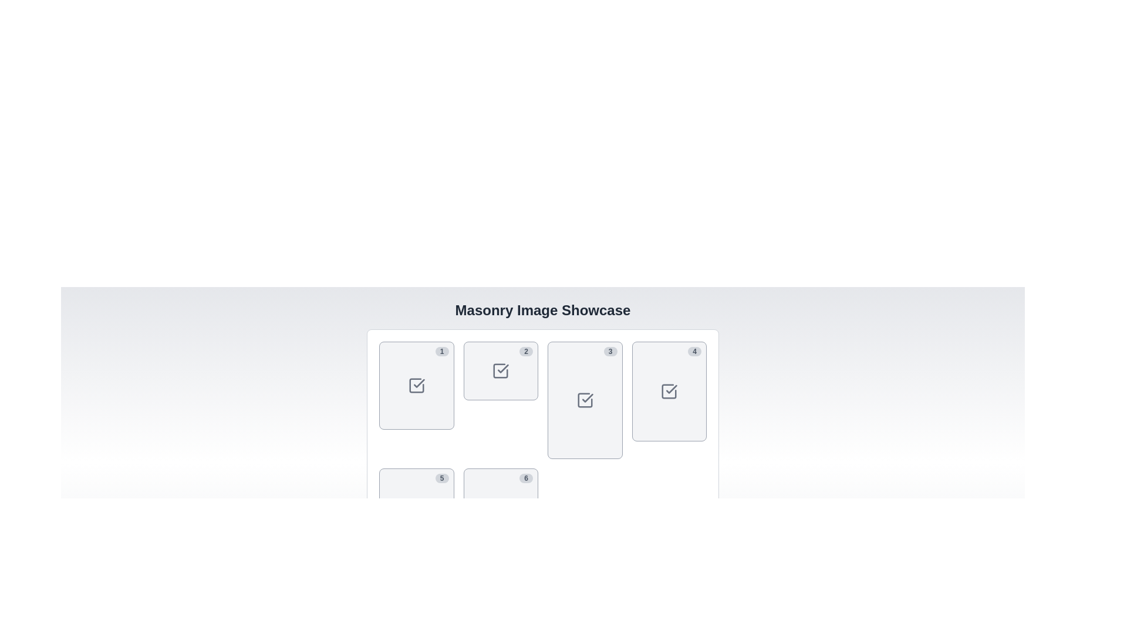 The height and width of the screenshot is (634, 1127). I want to click on the third checkbox in the grid layout, so click(585, 400).